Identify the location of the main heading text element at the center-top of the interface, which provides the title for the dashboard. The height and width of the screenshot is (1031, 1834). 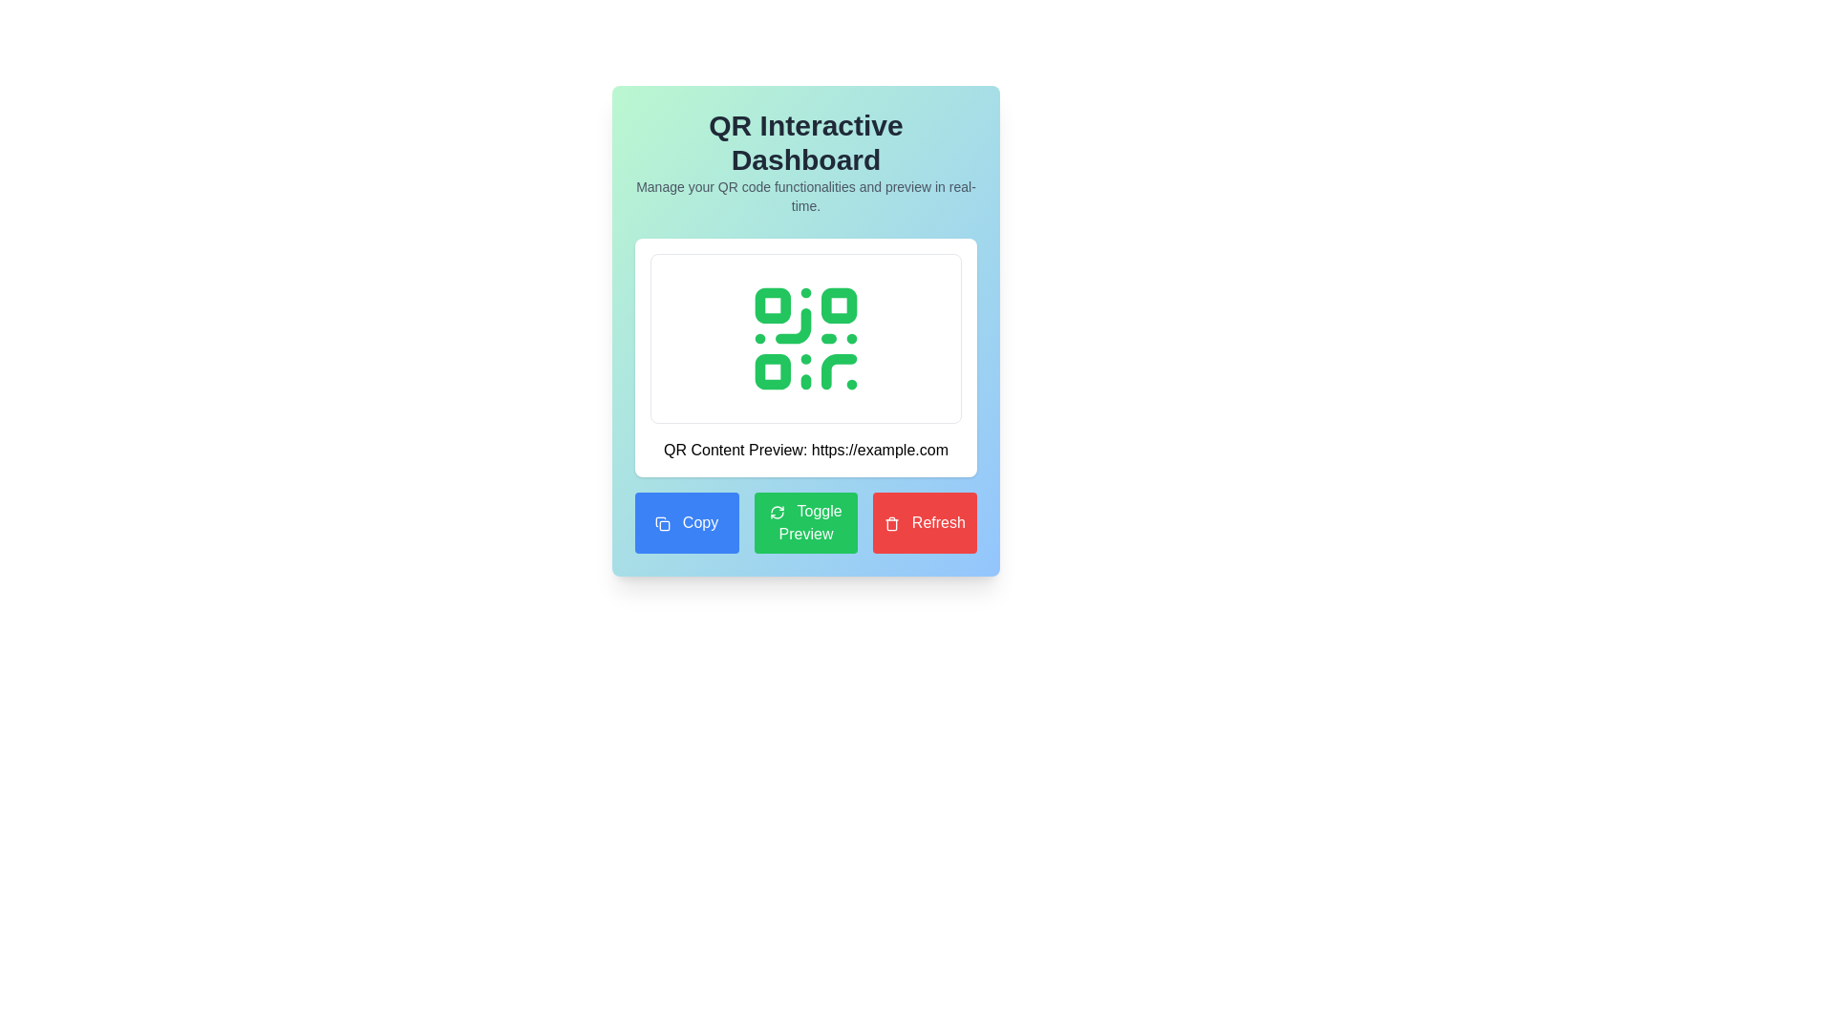
(806, 142).